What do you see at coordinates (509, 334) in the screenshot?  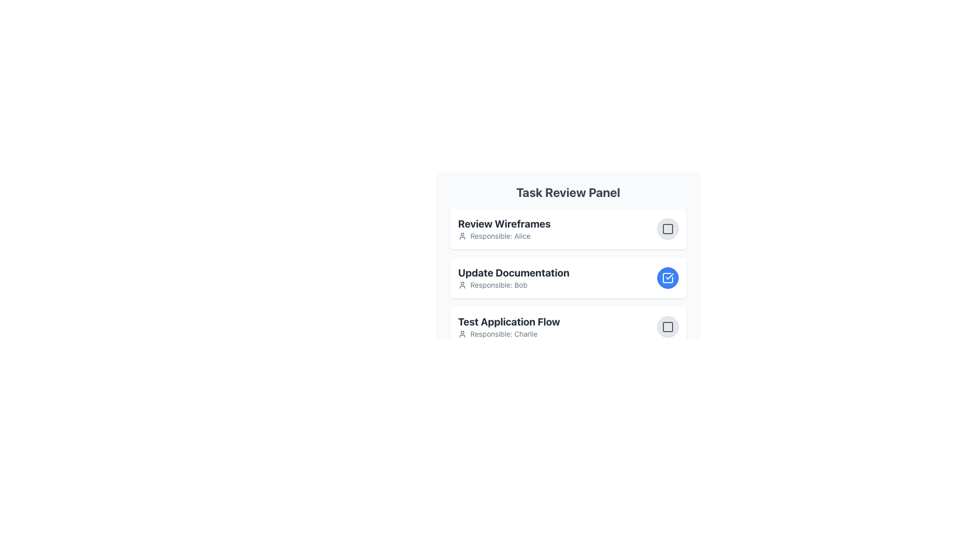 I see `the informational text reading 'Responsible: Charlie' with a user silhouette icon, located under the title 'Test Application Flow' in the third section of the tasks` at bounding box center [509, 334].